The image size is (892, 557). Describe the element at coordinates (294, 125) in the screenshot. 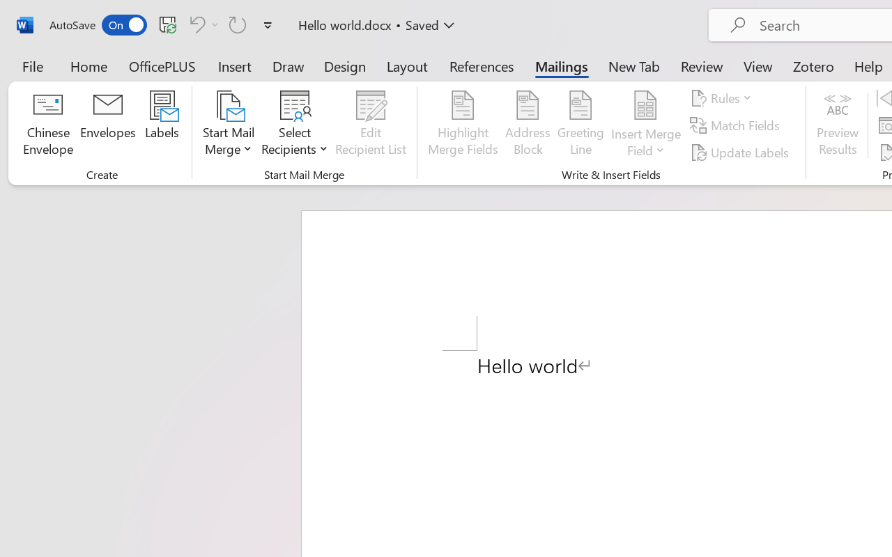

I see `'Select Recipients'` at that location.